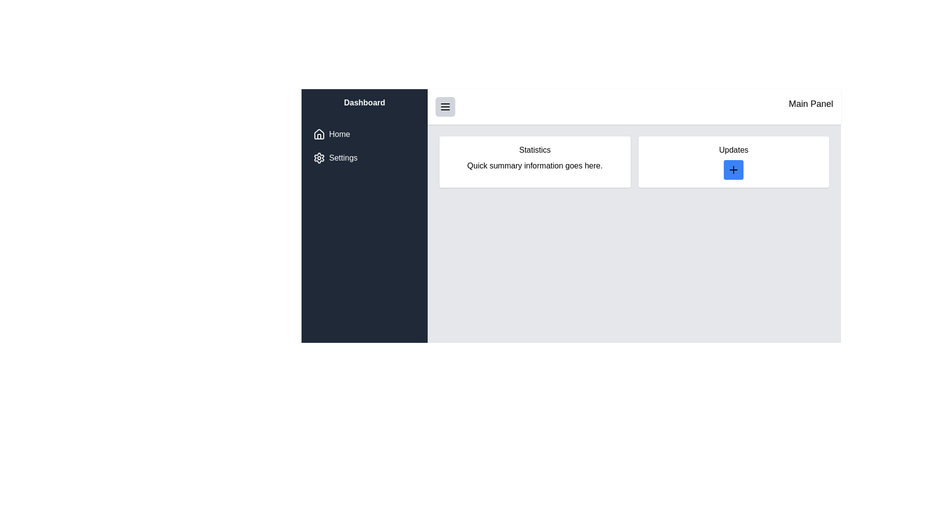  Describe the element at coordinates (734, 169) in the screenshot. I see `the '+' button located in the 'Updates' panel` at that location.